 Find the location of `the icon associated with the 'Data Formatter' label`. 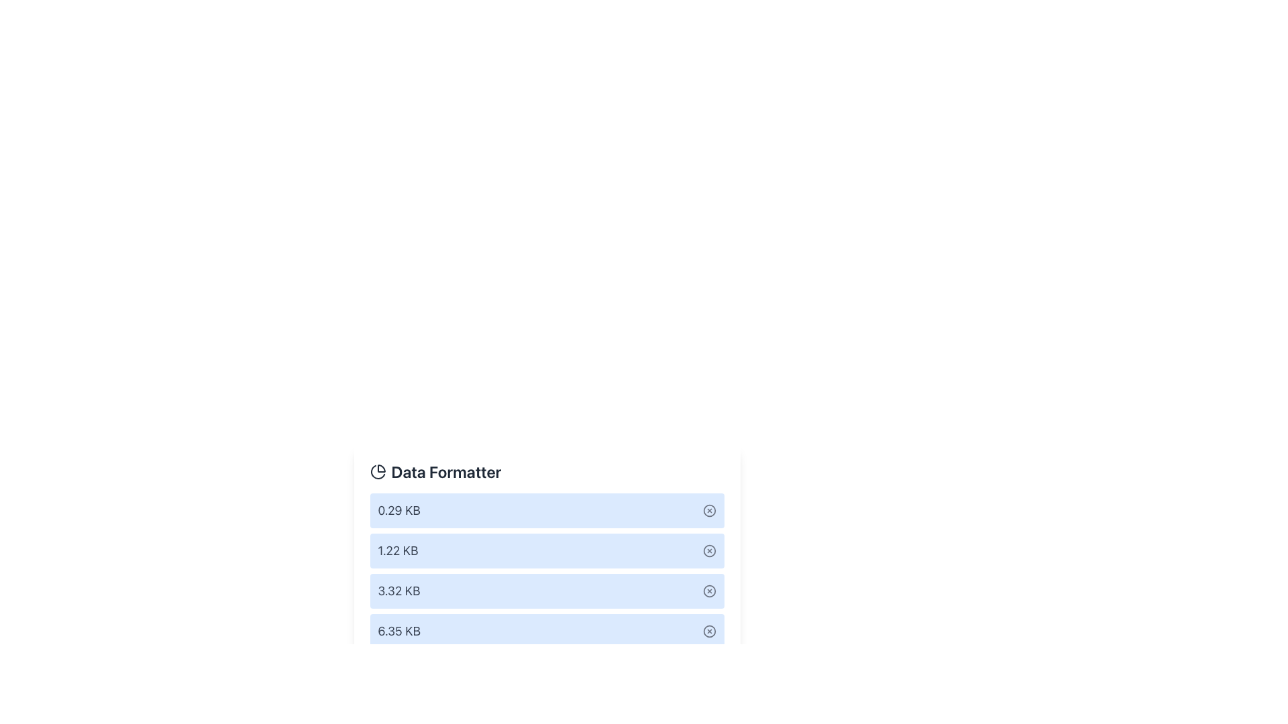

the icon associated with the 'Data Formatter' label is located at coordinates (377, 471).